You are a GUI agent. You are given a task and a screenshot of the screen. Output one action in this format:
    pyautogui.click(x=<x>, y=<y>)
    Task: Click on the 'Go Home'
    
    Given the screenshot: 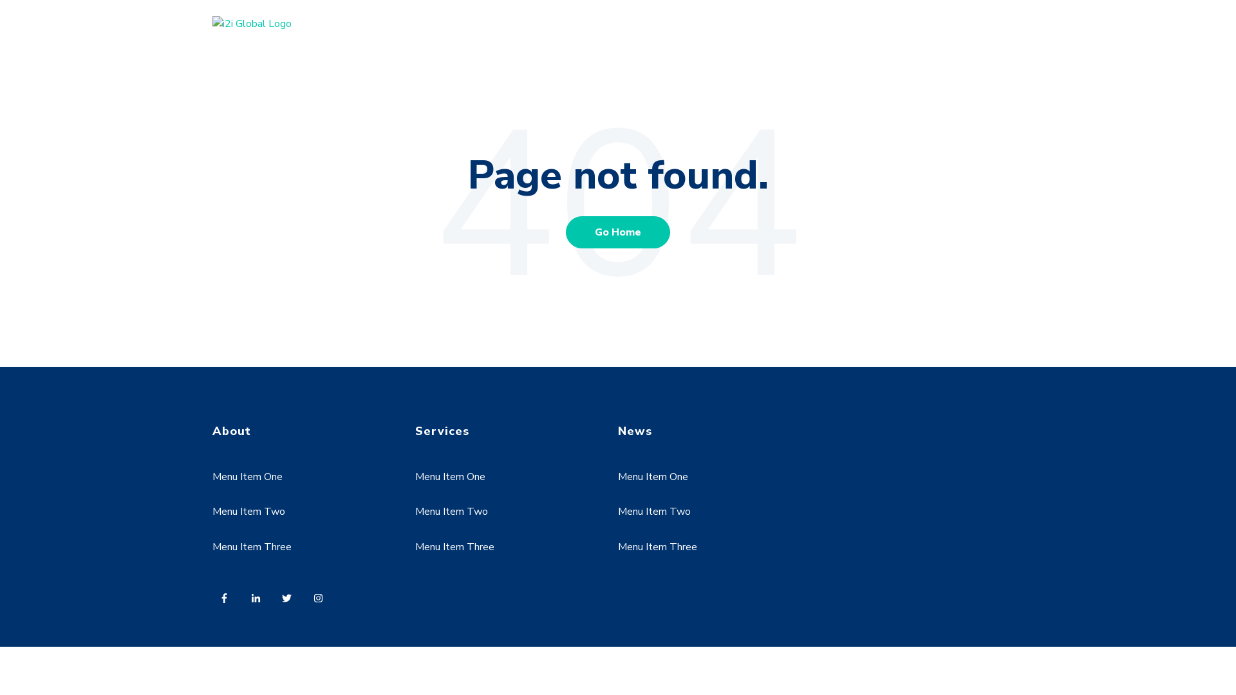 What is the action you would take?
    pyautogui.click(x=618, y=232)
    